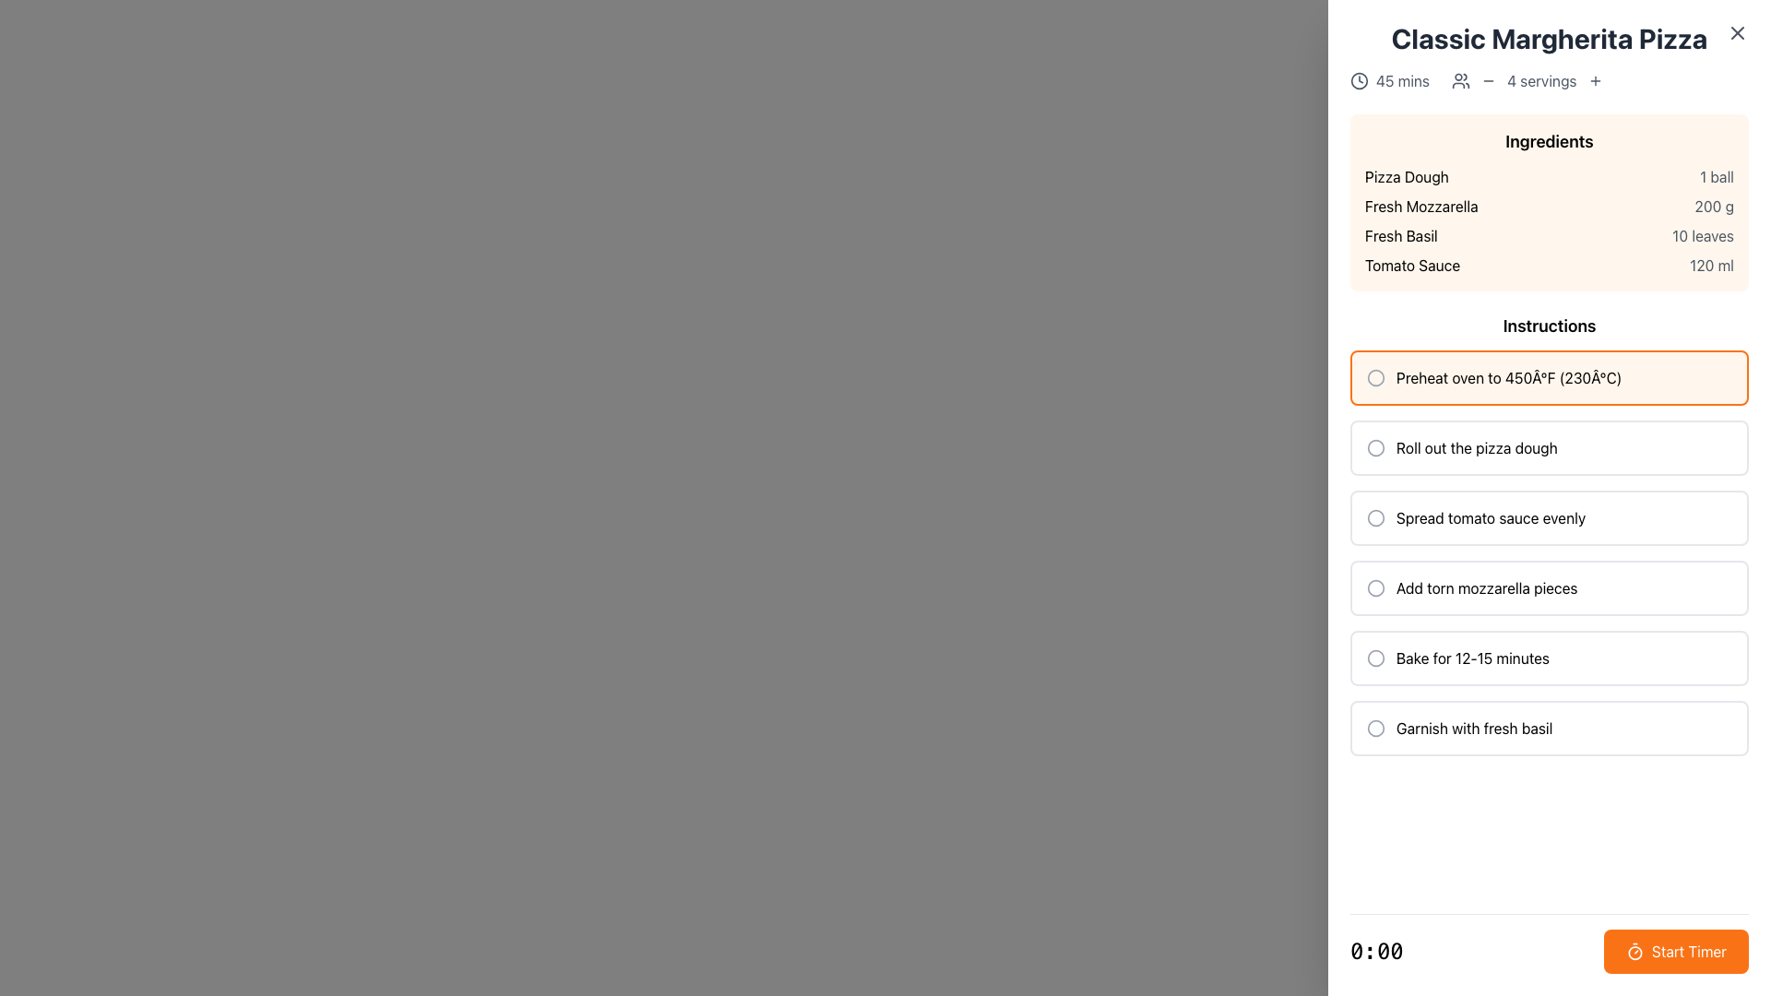 The height and width of the screenshot is (996, 1771). I want to click on text content of the Text label displaying '1 ball', which is located to the right of 'Pizza Dough' in the Ingredients section, so click(1716, 177).